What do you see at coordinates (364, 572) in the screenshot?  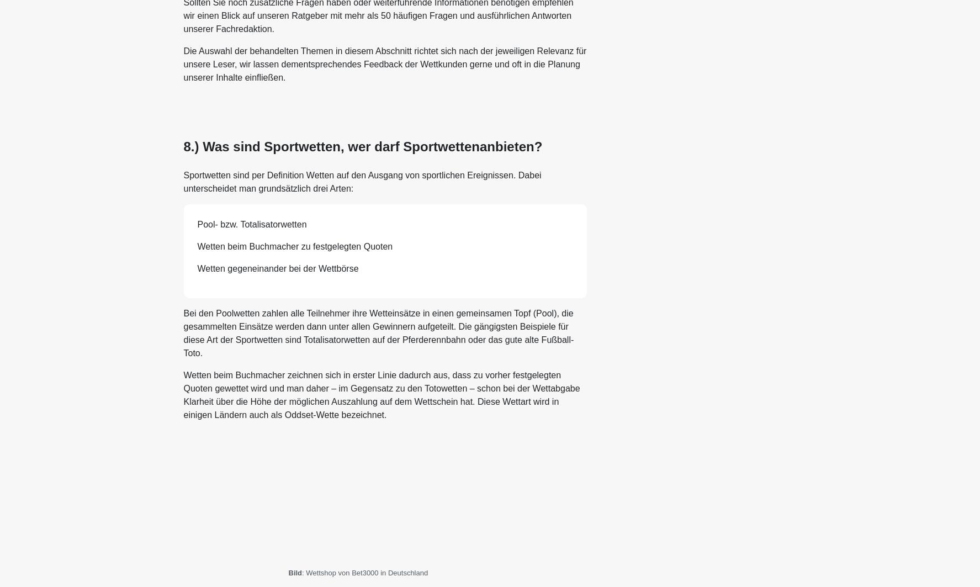 I see `': Wettshop von Bet3000 in Deutschland'` at bounding box center [364, 572].